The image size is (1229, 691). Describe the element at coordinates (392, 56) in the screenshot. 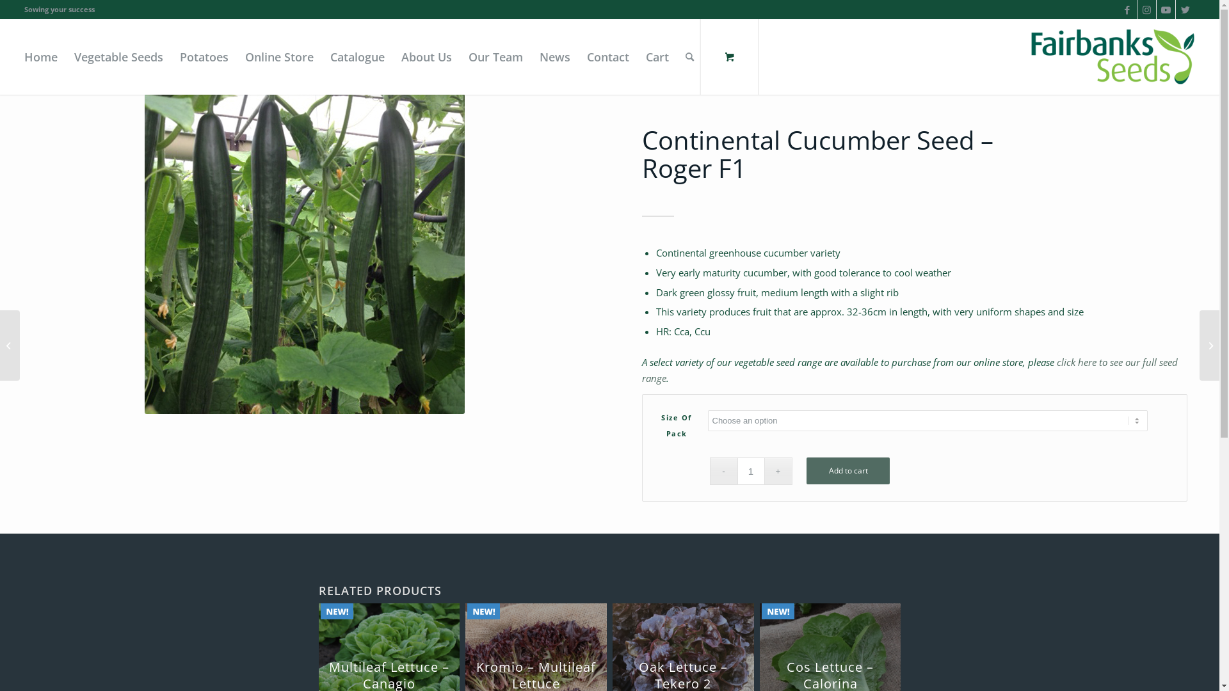

I see `'About Us'` at that location.